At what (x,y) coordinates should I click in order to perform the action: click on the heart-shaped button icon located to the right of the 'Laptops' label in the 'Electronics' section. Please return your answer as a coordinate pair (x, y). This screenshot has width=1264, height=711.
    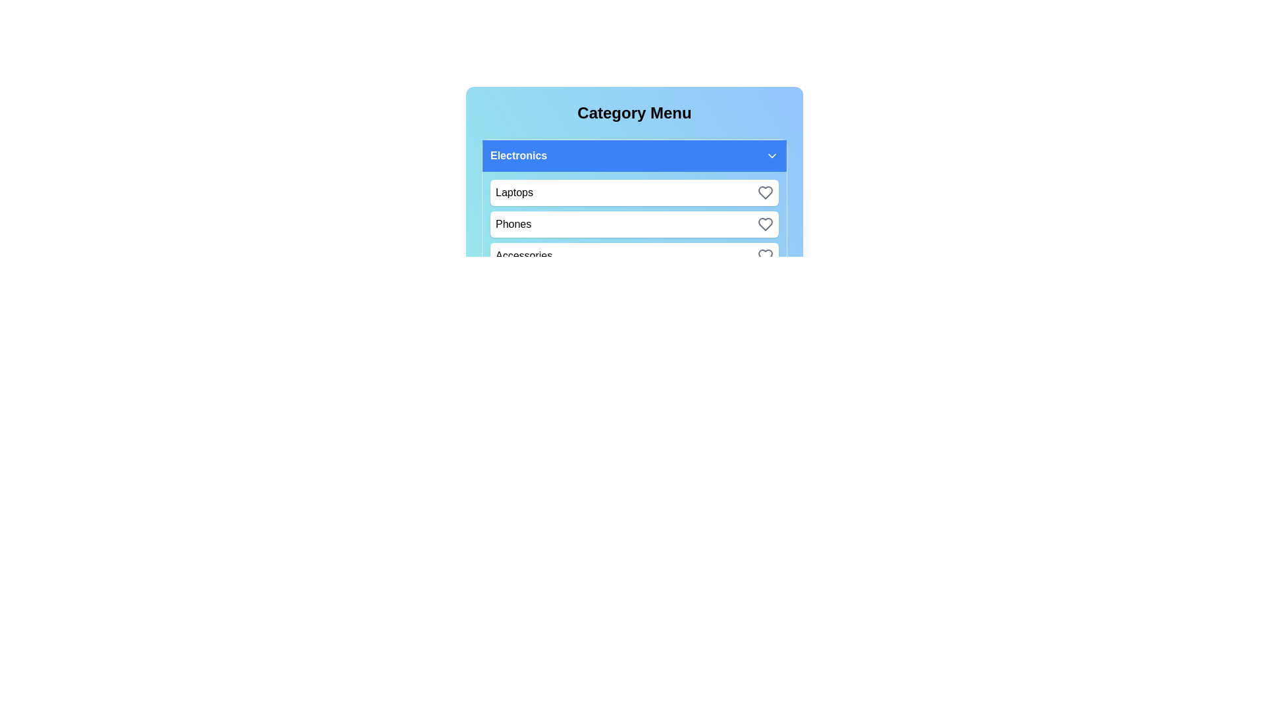
    Looking at the image, I should click on (765, 193).